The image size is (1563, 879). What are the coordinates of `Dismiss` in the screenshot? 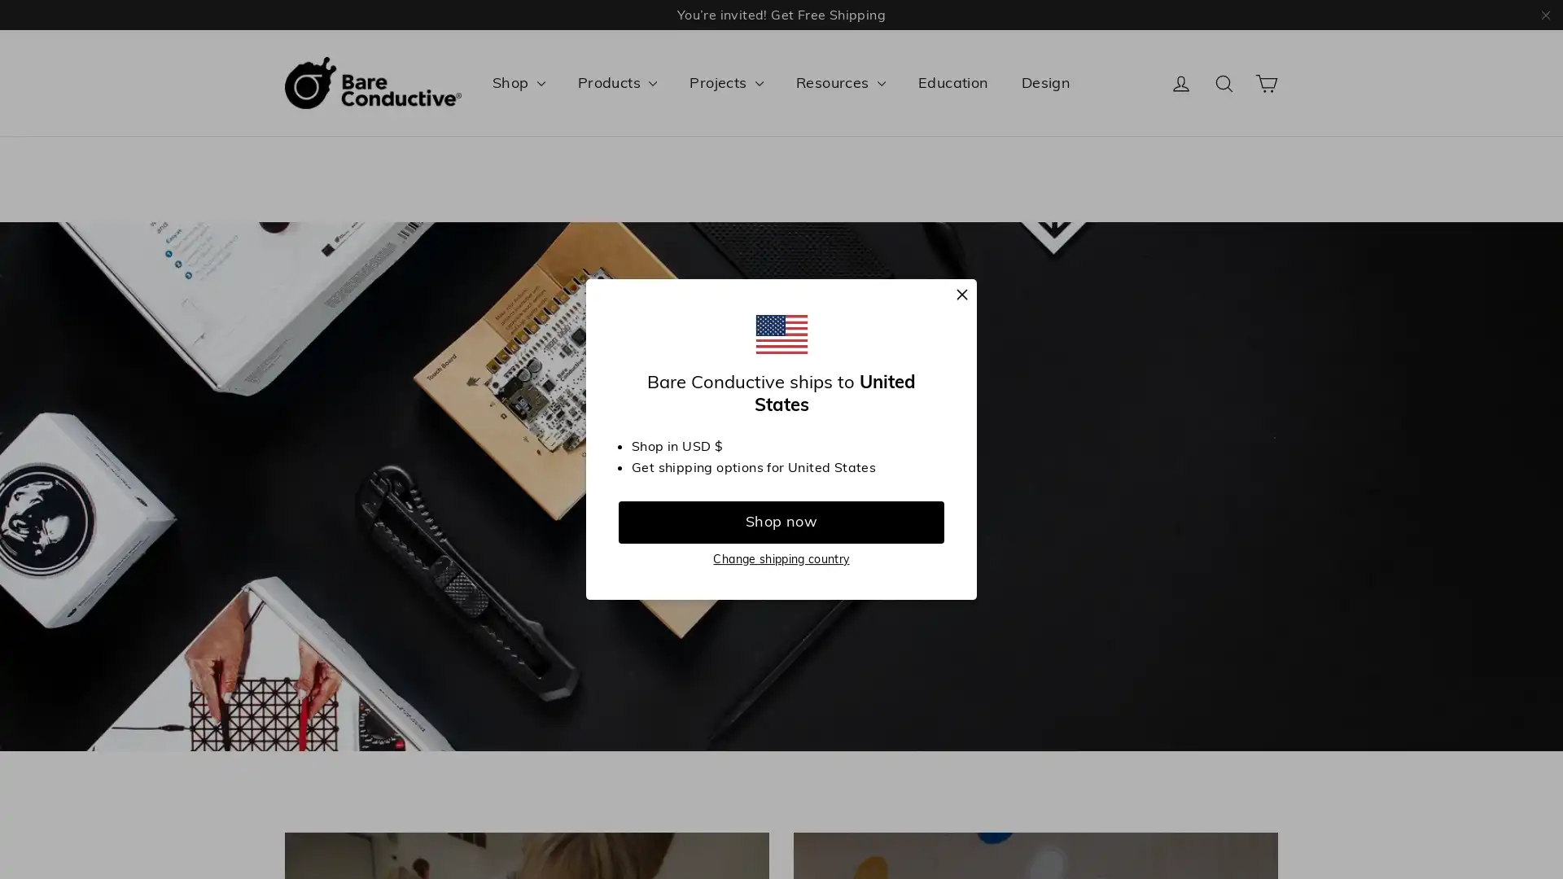 It's located at (961, 295).